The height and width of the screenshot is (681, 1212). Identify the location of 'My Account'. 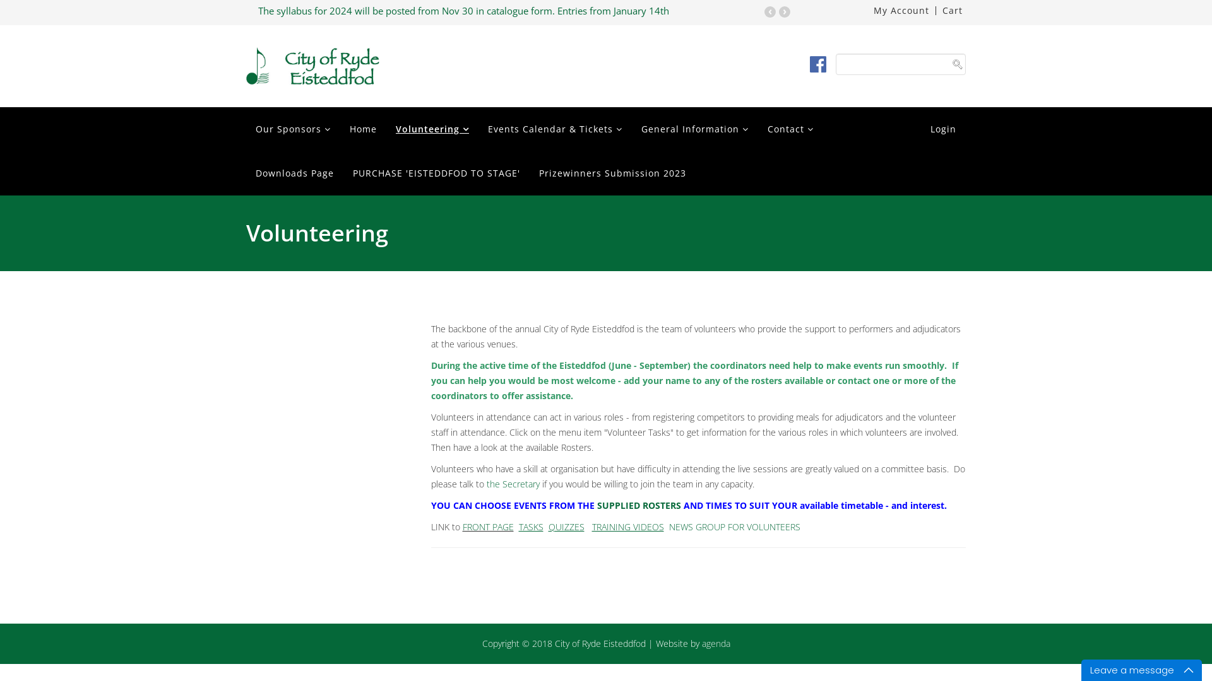
(900, 10).